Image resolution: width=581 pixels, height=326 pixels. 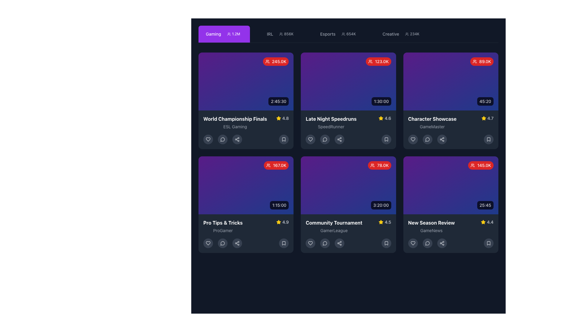 I want to click on the circular button with a dark gray background and share icon located in the bottom row of action buttons below the 'Pro Tips & Tricks' card, so click(x=237, y=243).